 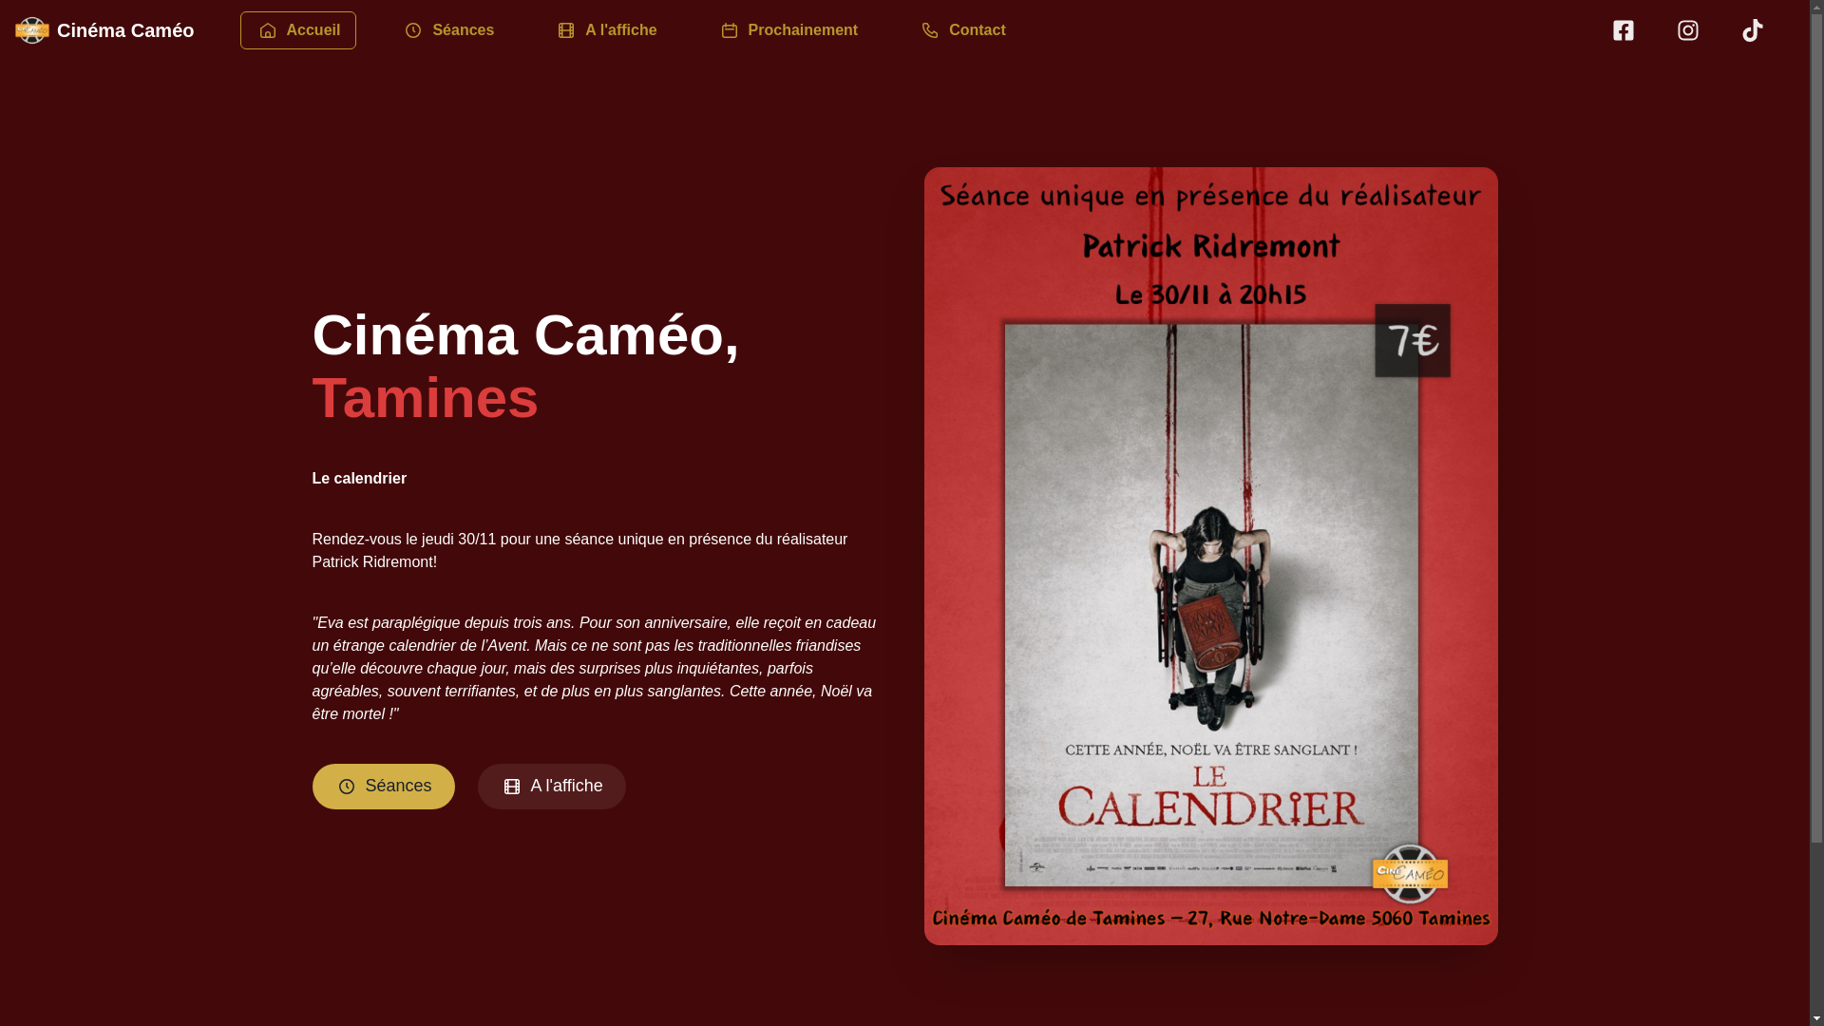 What do you see at coordinates (693, 28) in the screenshot?
I see `'Prochainement'` at bounding box center [693, 28].